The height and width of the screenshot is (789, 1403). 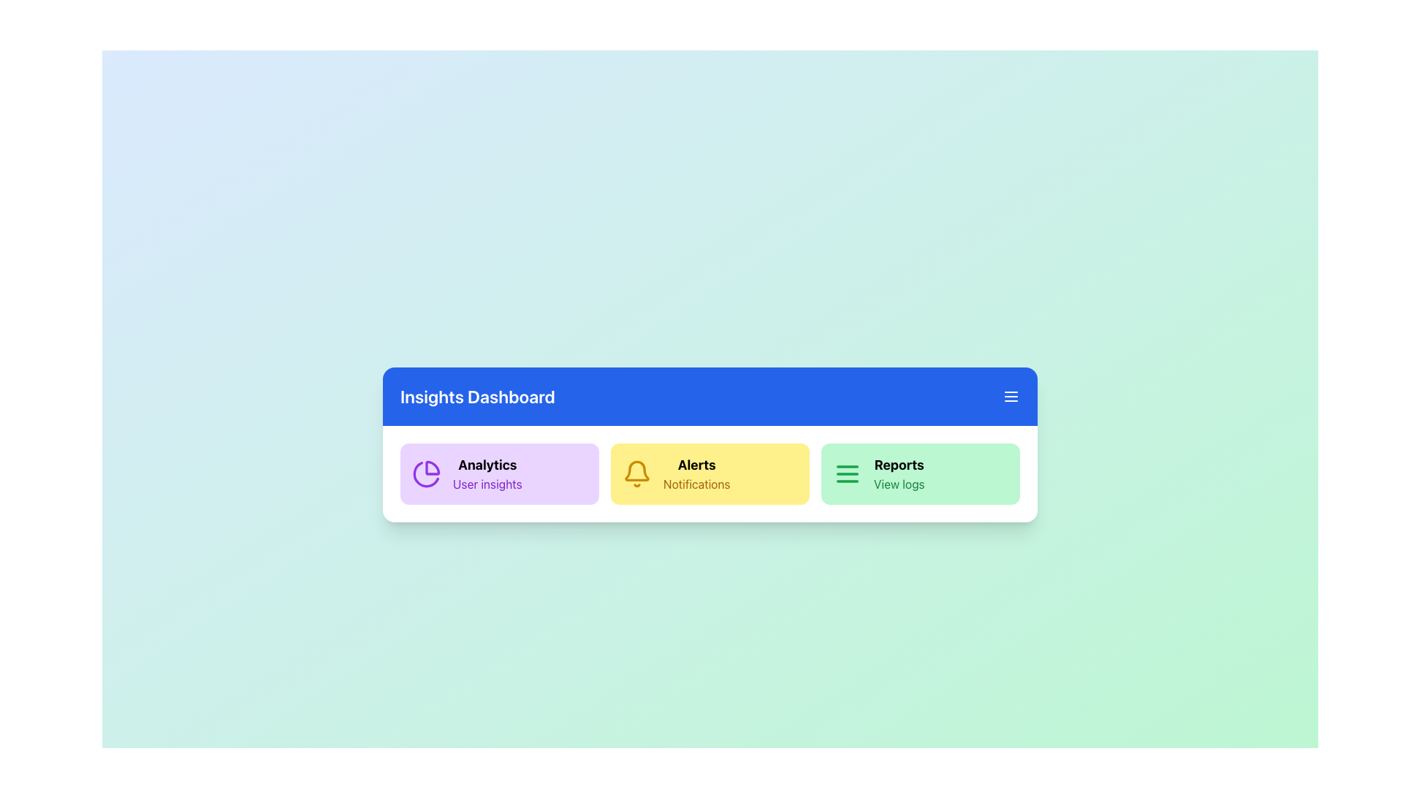 I want to click on the analytics feature icon located within the purple-themed 'Analytics' card, positioned to the left of the 'Alerts' card, so click(x=426, y=473).